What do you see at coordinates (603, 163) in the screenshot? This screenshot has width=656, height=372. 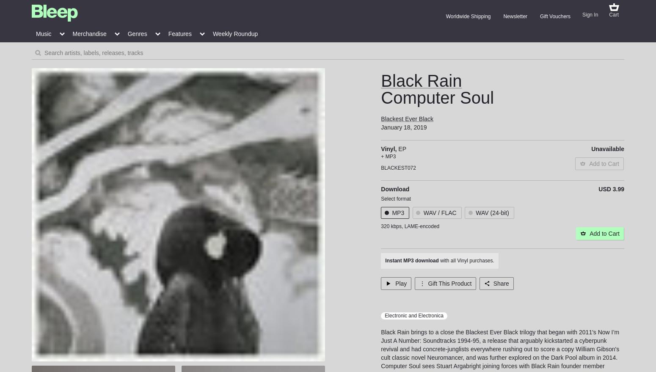 I see `'Add to Cart'` at bounding box center [603, 163].